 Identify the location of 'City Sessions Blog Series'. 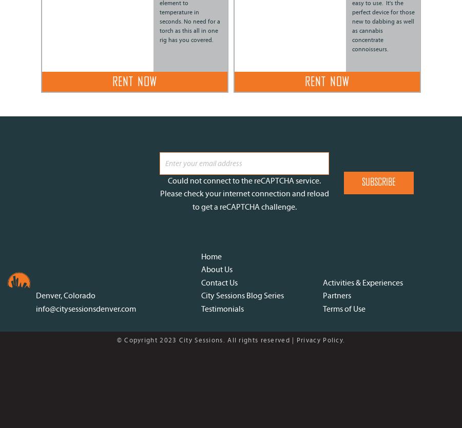
(242, 295).